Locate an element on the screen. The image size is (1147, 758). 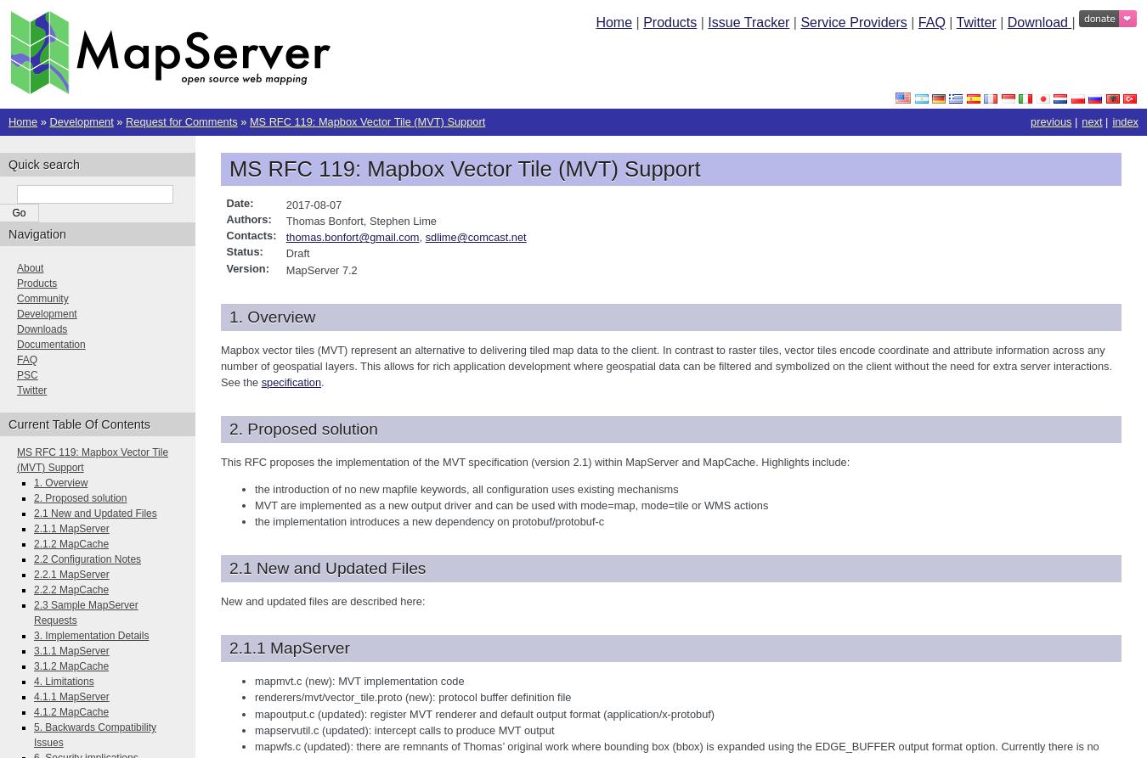
'next' is located at coordinates (1092, 121).